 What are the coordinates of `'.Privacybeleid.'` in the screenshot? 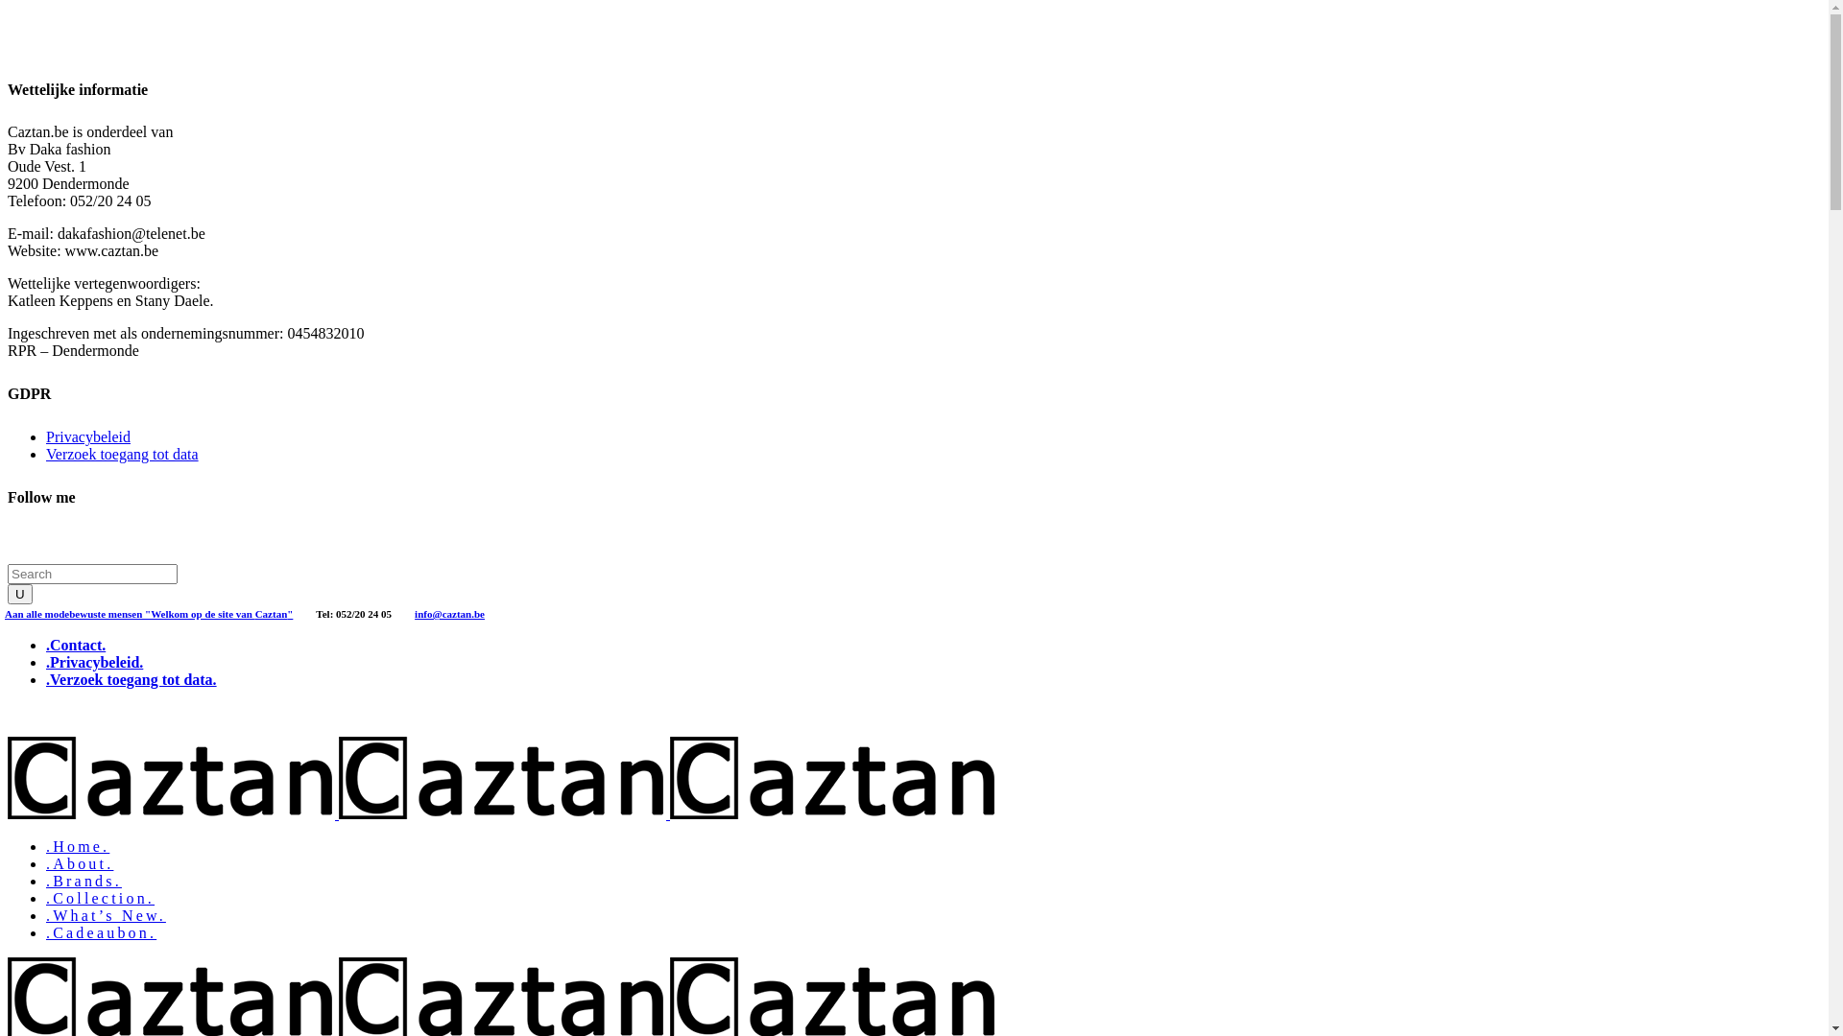 It's located at (93, 661).